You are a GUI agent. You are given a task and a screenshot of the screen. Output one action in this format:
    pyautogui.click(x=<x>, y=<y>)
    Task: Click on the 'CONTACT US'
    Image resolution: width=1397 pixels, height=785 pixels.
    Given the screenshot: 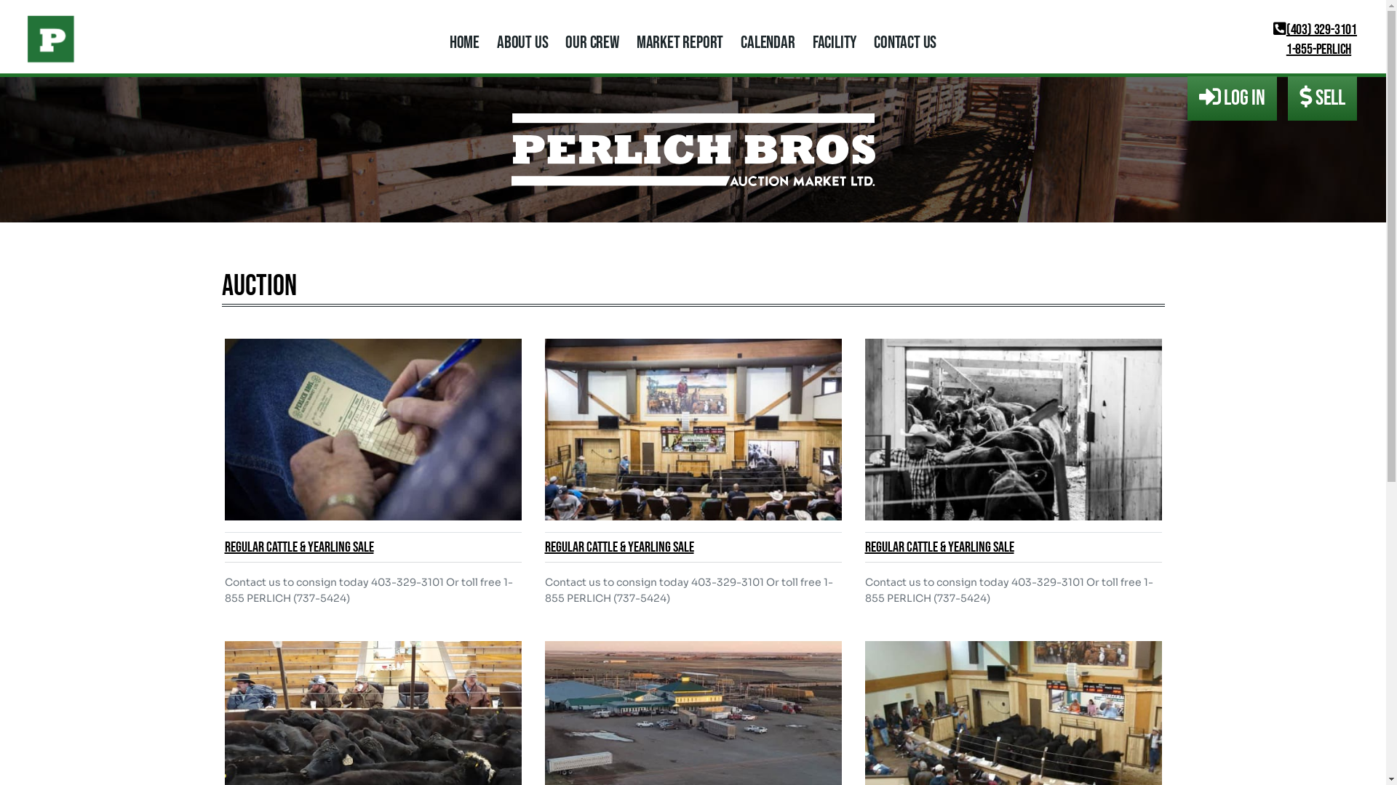 What is the action you would take?
    pyautogui.click(x=904, y=41)
    